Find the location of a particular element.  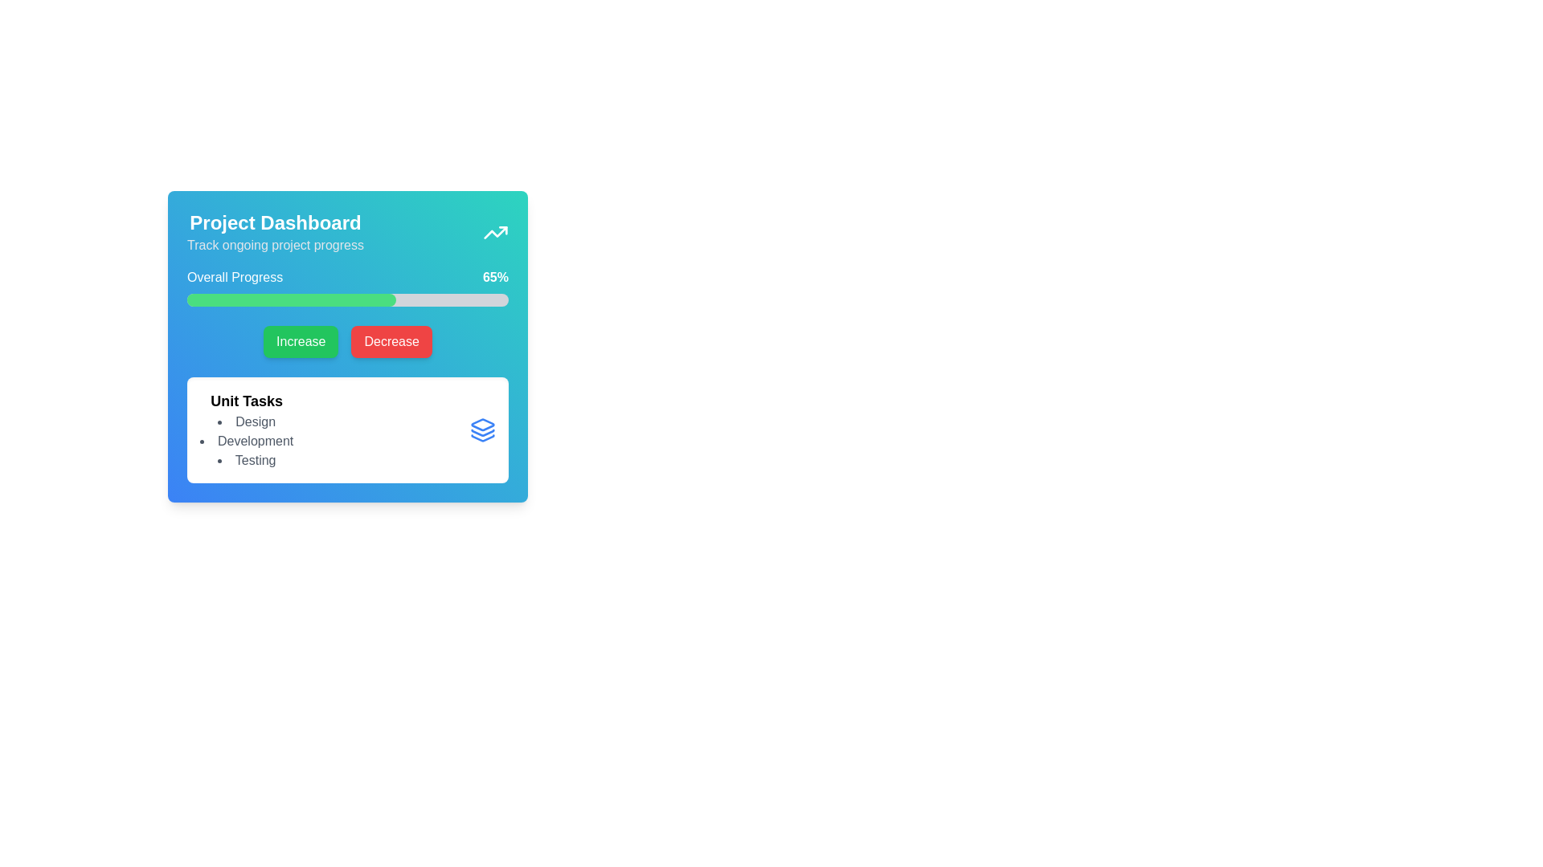

the static text displaying '65%' which indicates the current progress percentage of the ongoing task, located in the 'Overall Progress' section, to the right of the progress bar is located at coordinates (494, 277).